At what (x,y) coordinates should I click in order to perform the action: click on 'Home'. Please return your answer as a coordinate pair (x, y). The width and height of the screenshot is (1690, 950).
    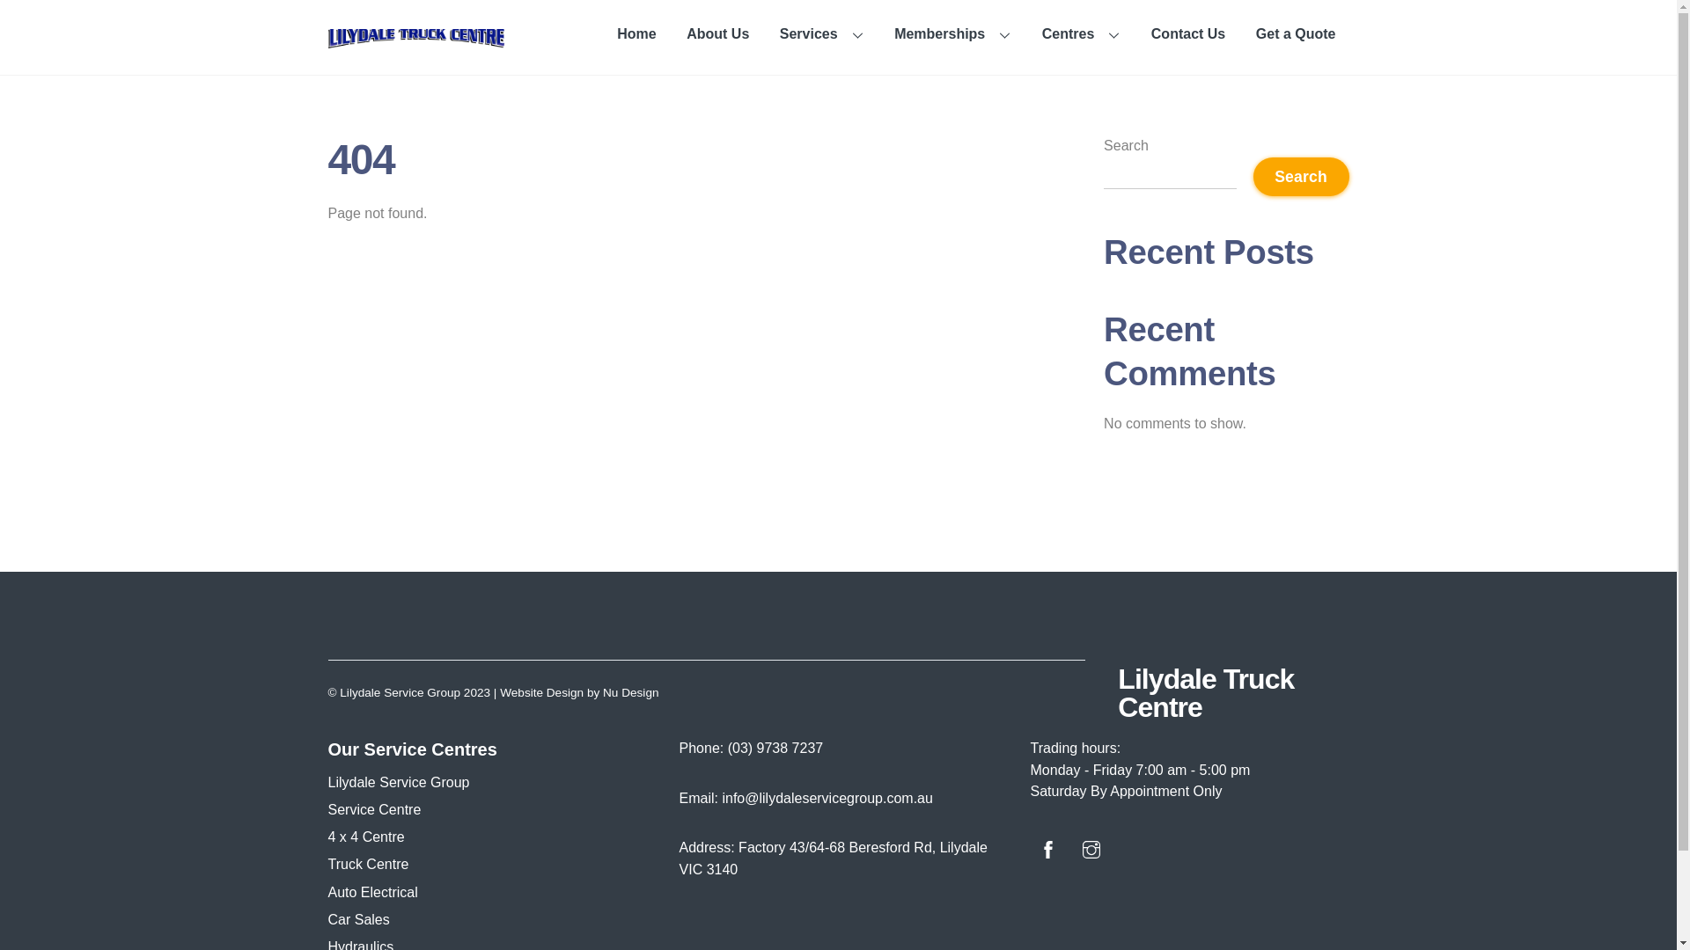
    Looking at the image, I should click on (636, 33).